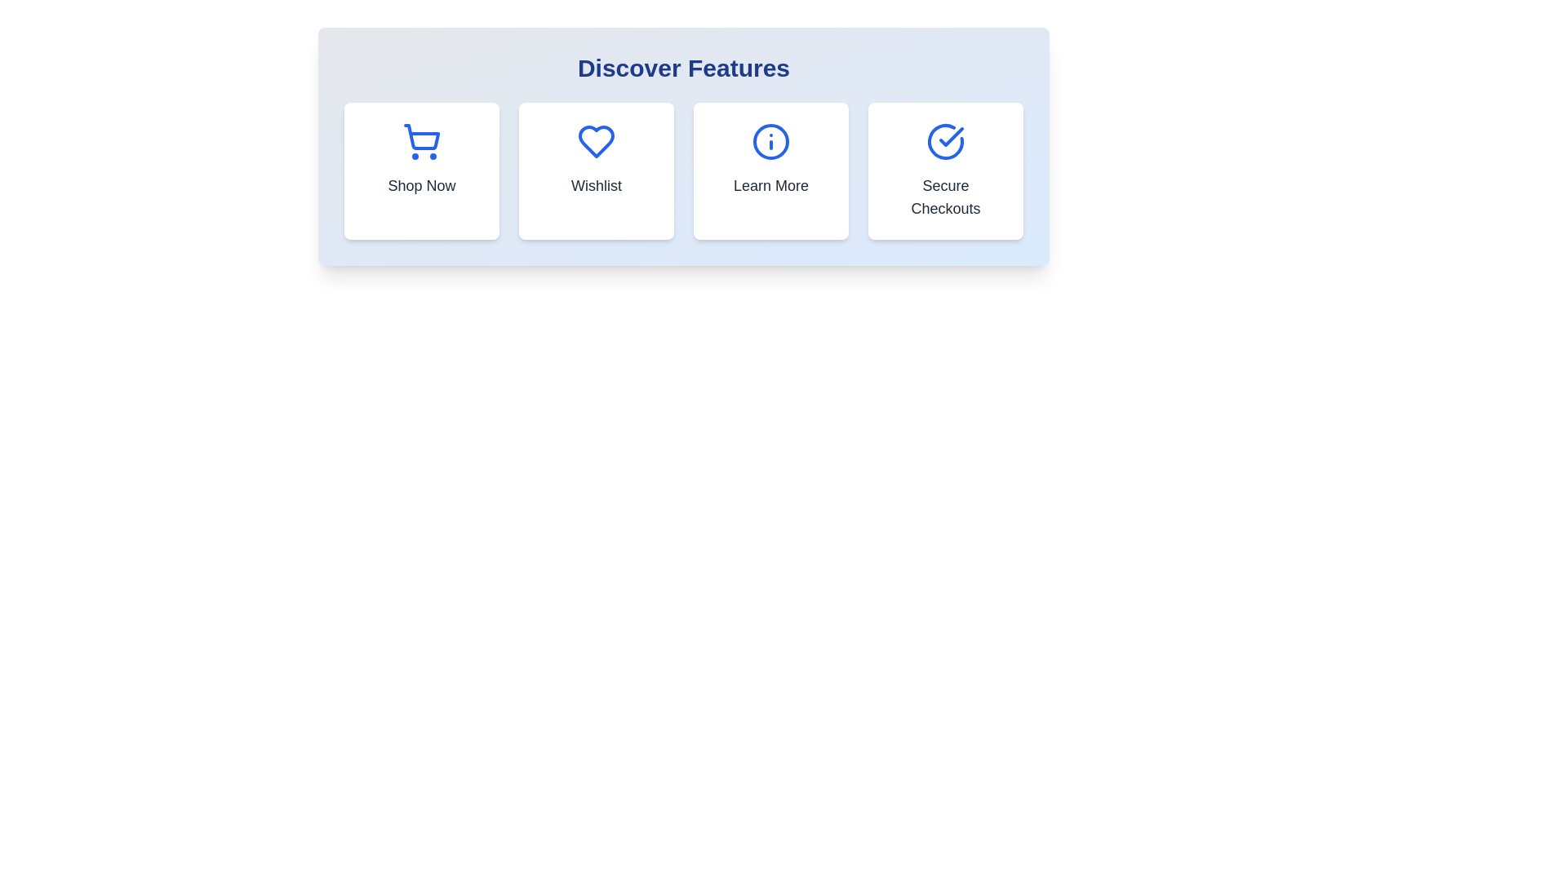 Image resolution: width=1567 pixels, height=881 pixels. Describe the element at coordinates (945, 170) in the screenshot. I see `the fourth card in the grid layout, which guides users to secure checkout processes` at that location.